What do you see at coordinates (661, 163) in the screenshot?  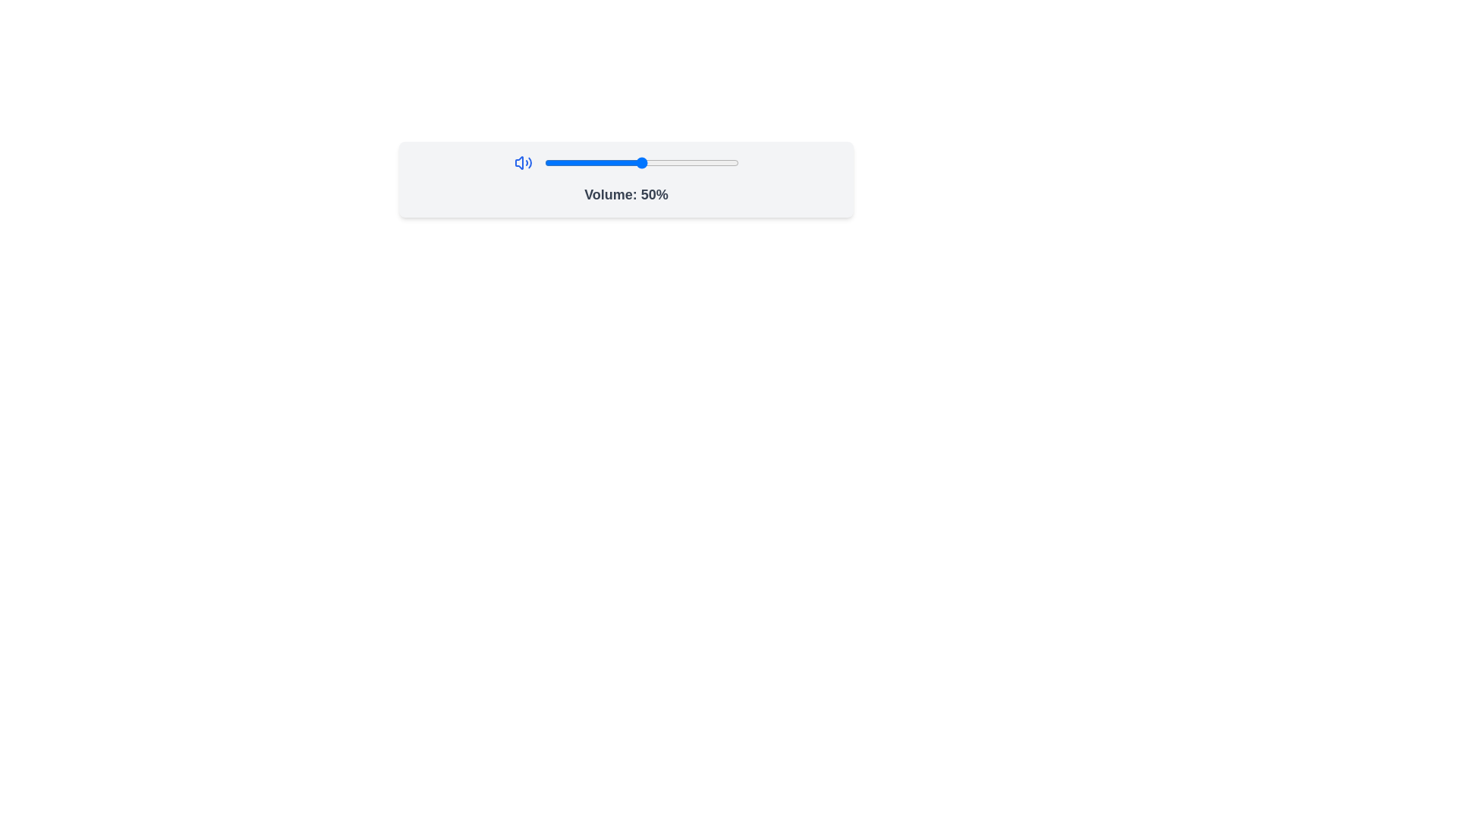 I see `the volume` at bounding box center [661, 163].